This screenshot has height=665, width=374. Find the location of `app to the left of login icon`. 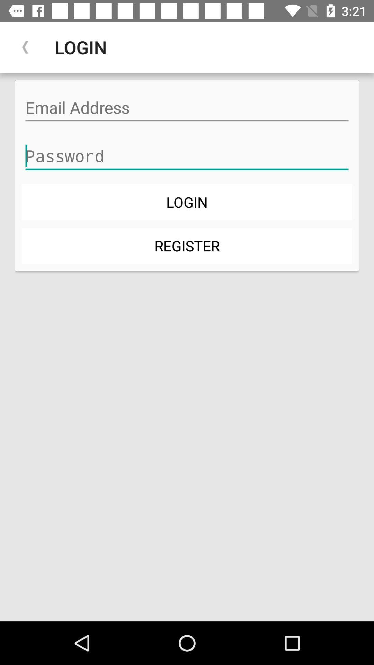

app to the left of login icon is located at coordinates (25, 47).